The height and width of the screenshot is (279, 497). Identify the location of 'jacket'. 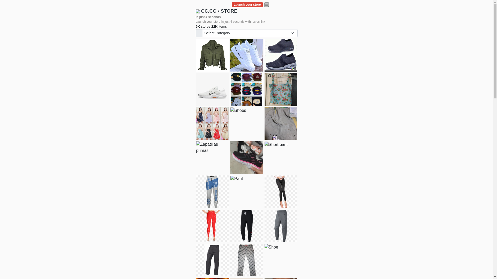
(212, 55).